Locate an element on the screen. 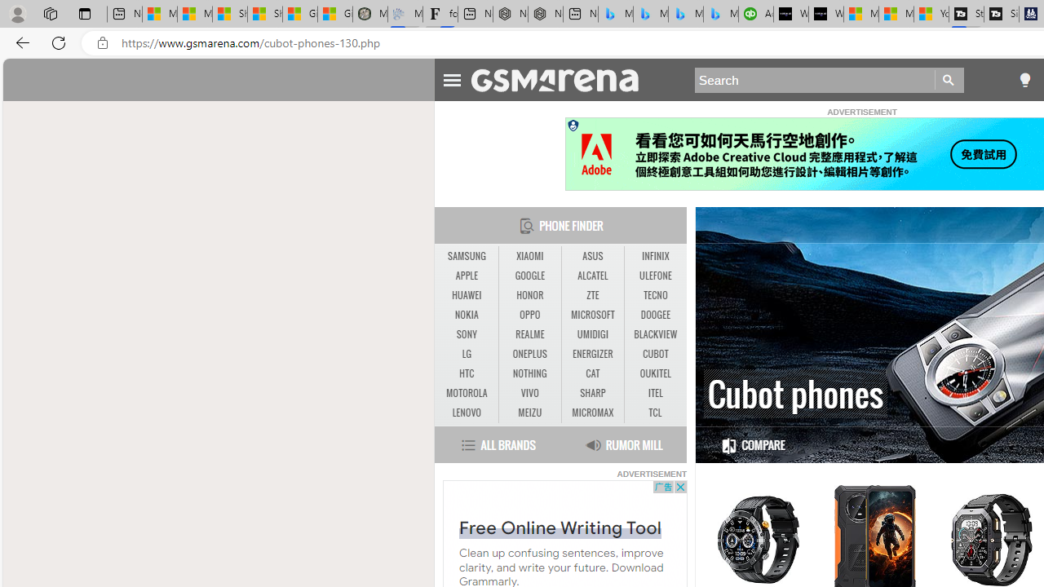  'HTC' is located at coordinates (466, 373).